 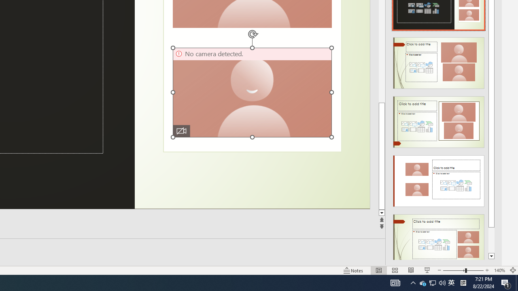 What do you see at coordinates (438, 237) in the screenshot?
I see `'Design Idea'` at bounding box center [438, 237].